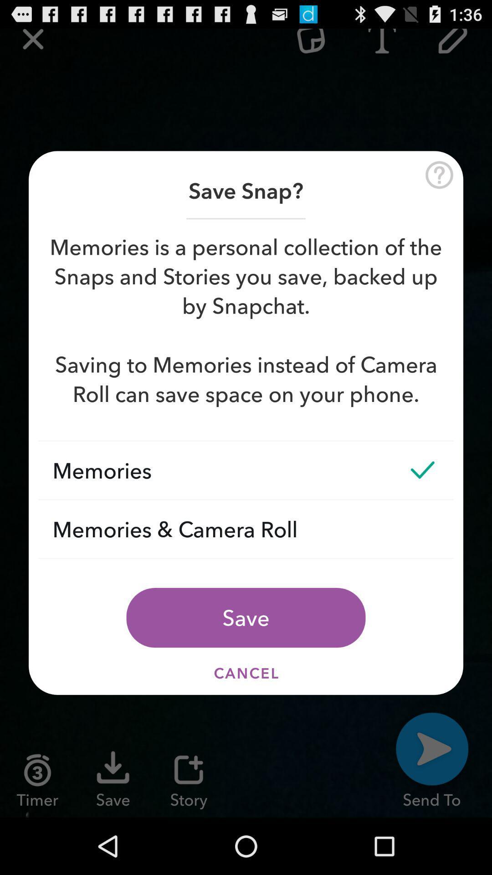 This screenshot has width=492, height=875. I want to click on explanation, so click(439, 175).